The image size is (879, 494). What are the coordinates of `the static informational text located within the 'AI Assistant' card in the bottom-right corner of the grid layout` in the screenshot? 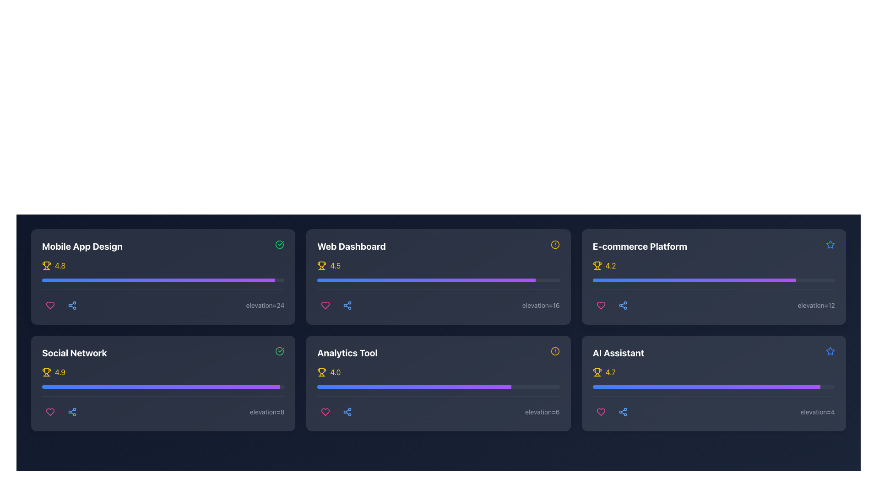 It's located at (818, 412).